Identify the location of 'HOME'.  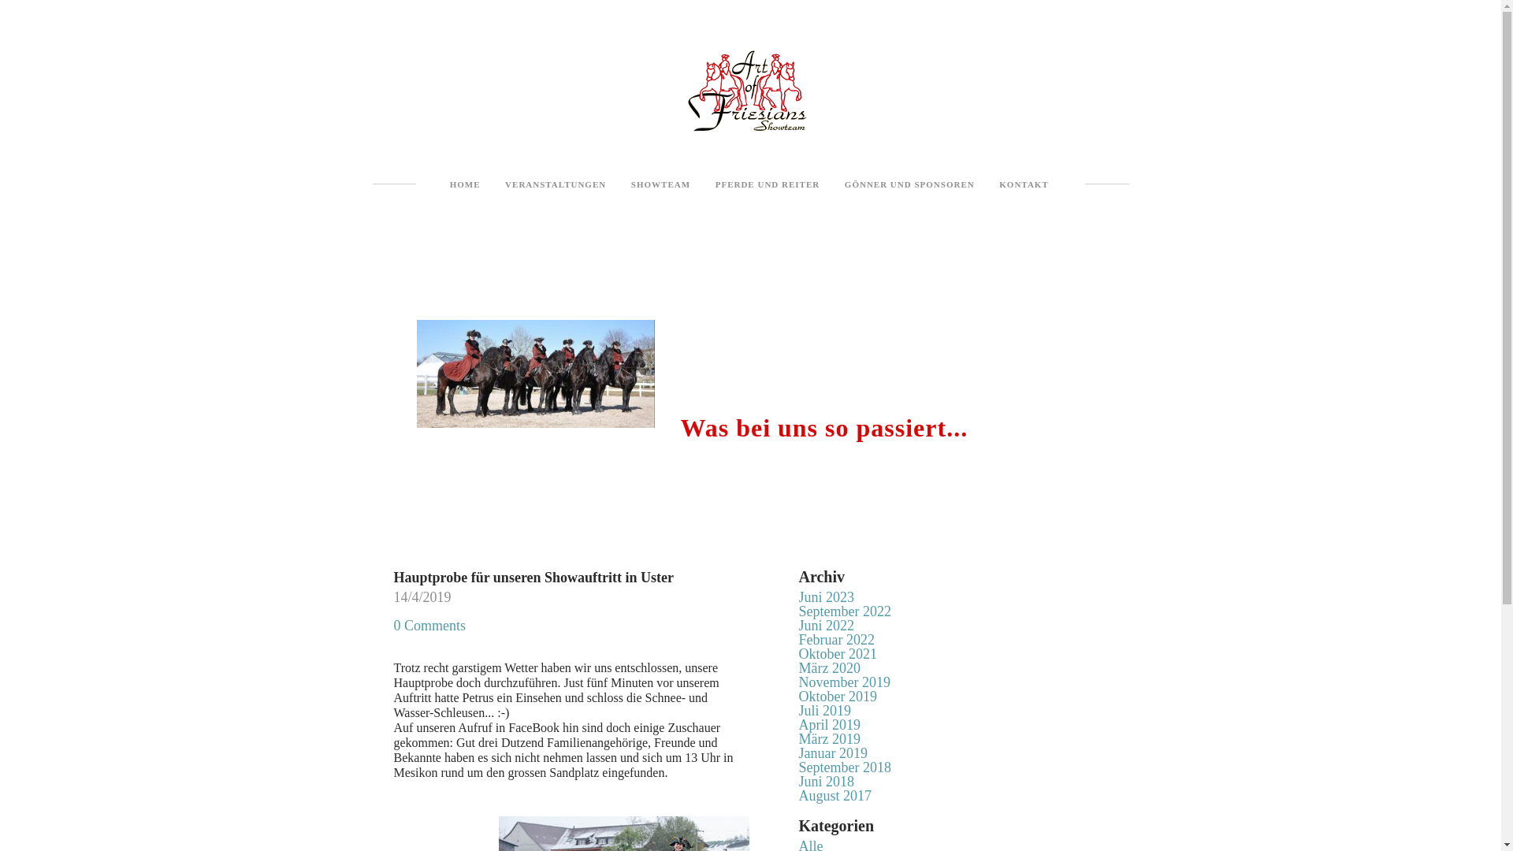
(464, 184).